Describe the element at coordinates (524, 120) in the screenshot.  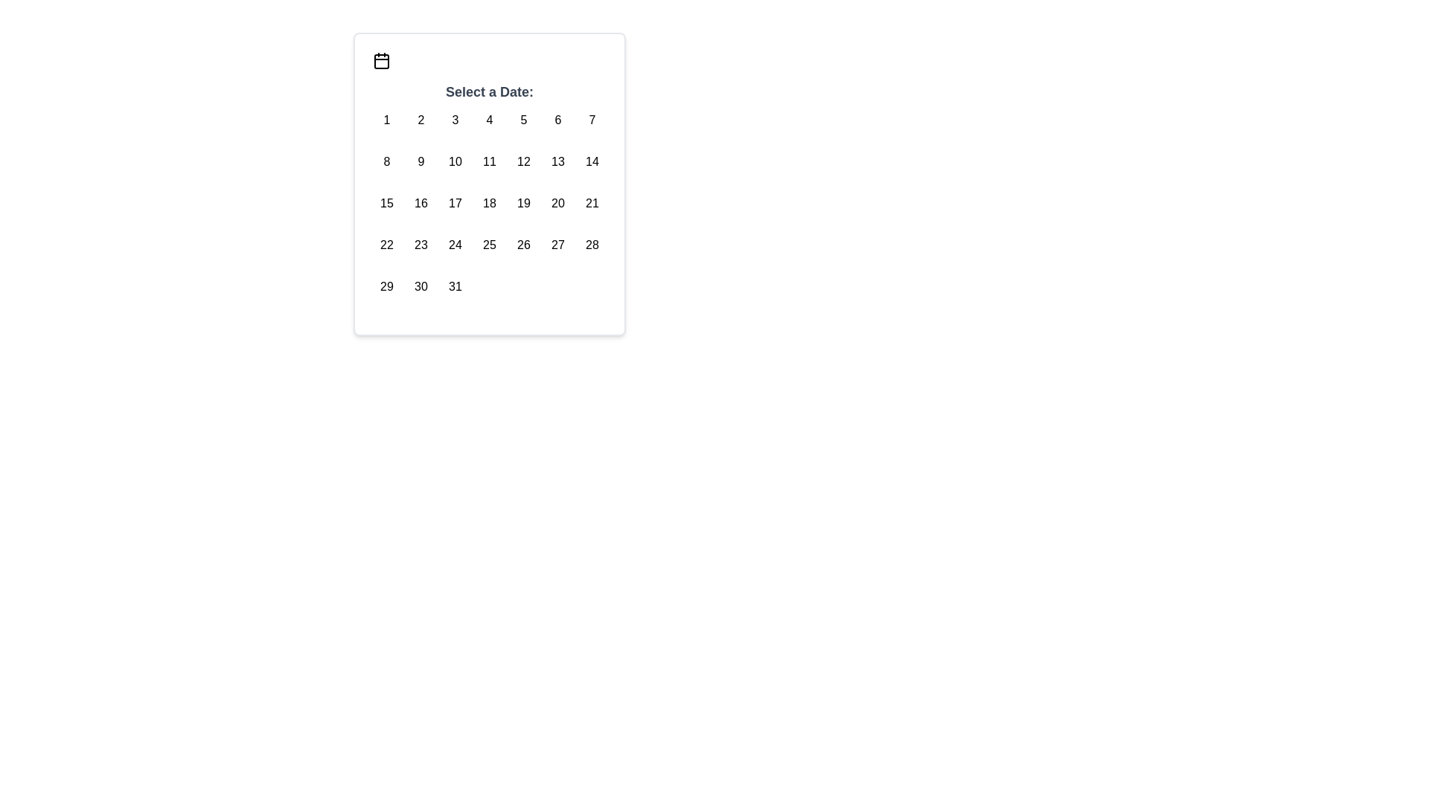
I see `the rounded button displaying the number '5'` at that location.